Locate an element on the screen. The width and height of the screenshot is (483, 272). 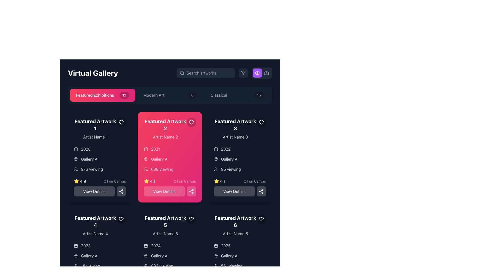
text displayed in the Text Label element showing '2021' on a vibrant pink background, located below 'Artist Name 2' in the 'Featured Artwork 2' card is located at coordinates (155, 149).